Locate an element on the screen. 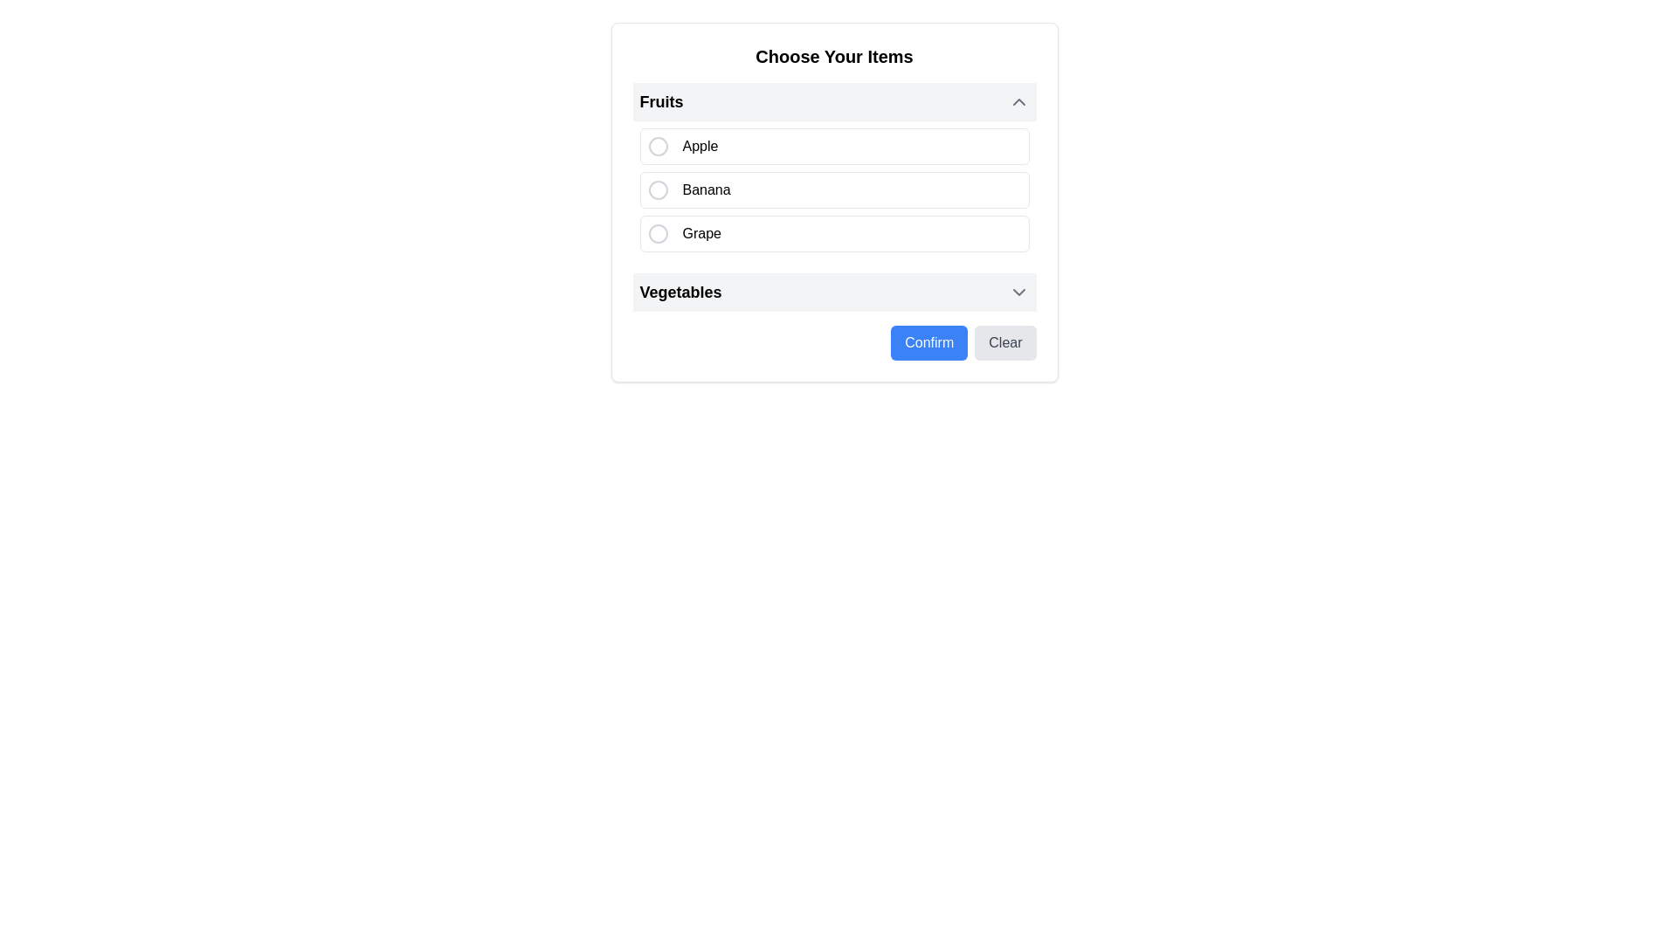 The image size is (1677, 943). the graphical circle icon representing the selection state for the 'Apple' item in the 'Fruits' category is located at coordinates (657, 146).